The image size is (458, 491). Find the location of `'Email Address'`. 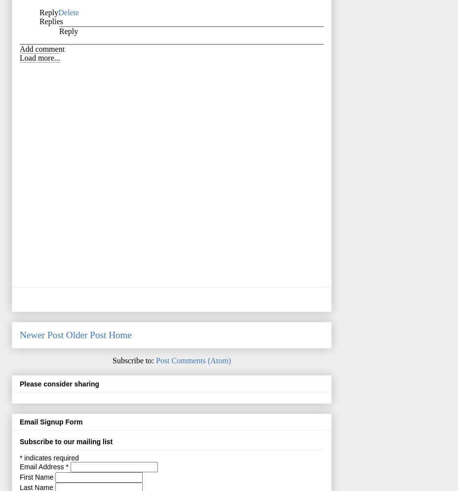

'Email Address' is located at coordinates (42, 466).